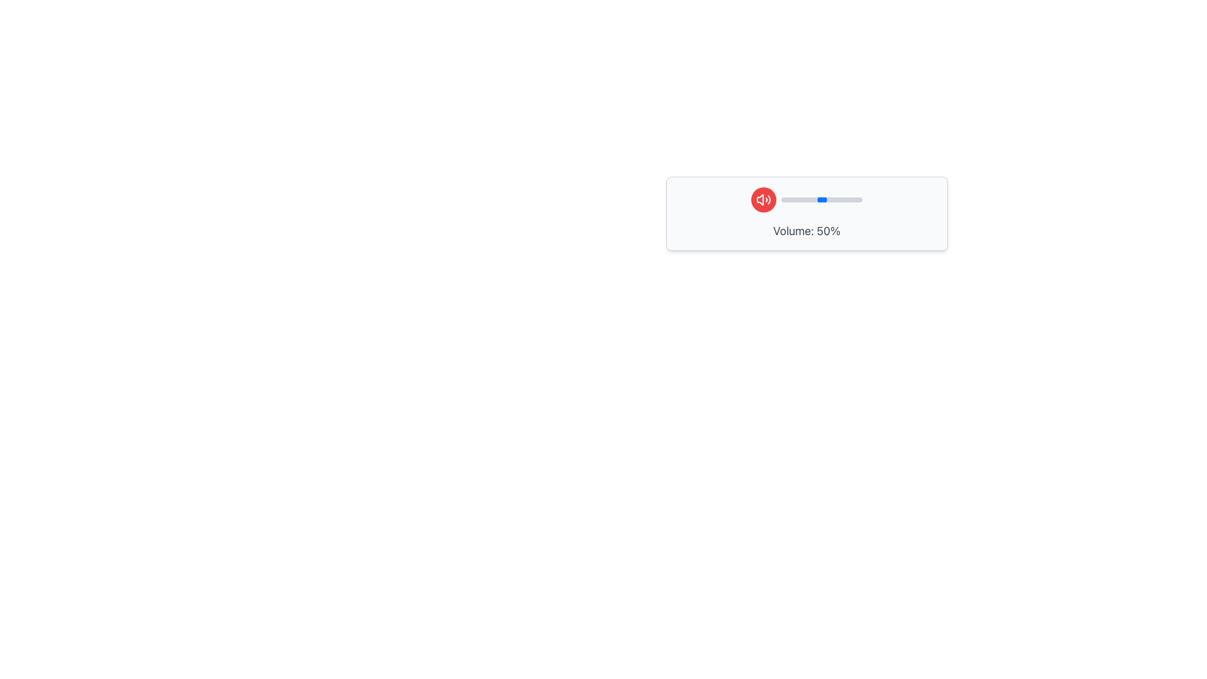 This screenshot has width=1207, height=679. What do you see at coordinates (796, 199) in the screenshot?
I see `volume` at bounding box center [796, 199].